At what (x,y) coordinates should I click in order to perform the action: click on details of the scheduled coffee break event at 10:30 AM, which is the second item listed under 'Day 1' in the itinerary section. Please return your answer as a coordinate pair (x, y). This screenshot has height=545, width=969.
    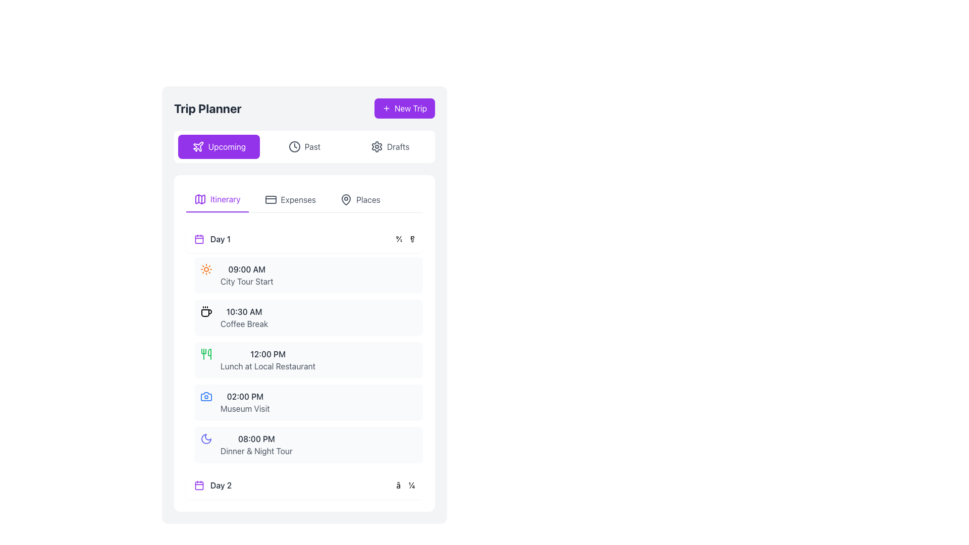
    Looking at the image, I should click on (244, 317).